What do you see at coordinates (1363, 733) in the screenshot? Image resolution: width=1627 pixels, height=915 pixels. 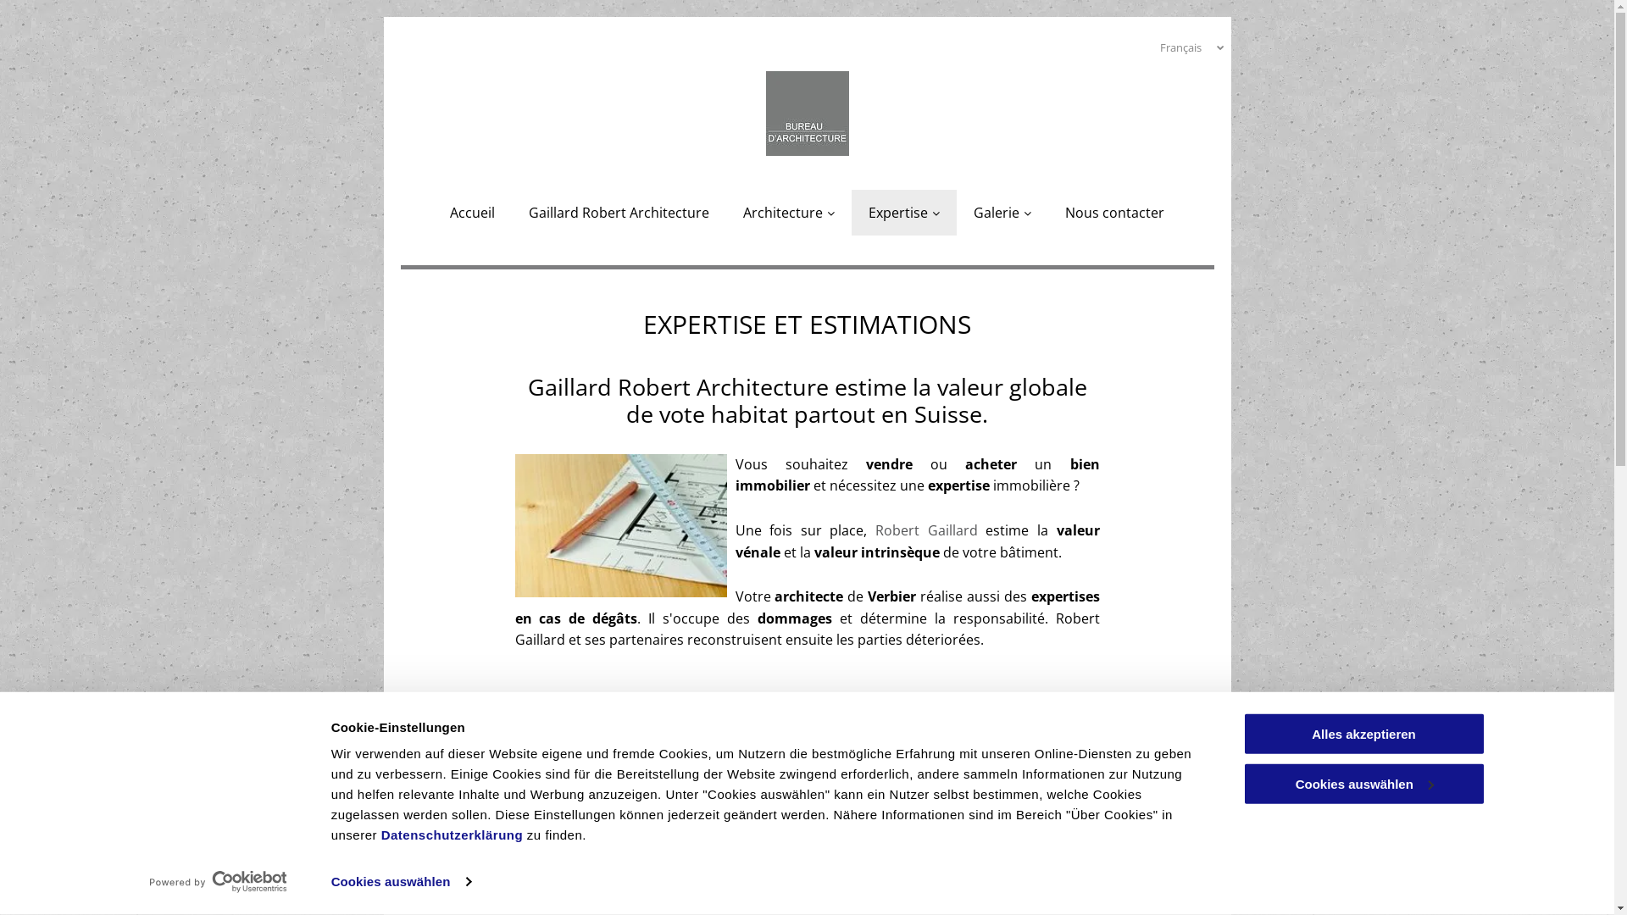 I see `'Alles akzeptieren'` at bounding box center [1363, 733].